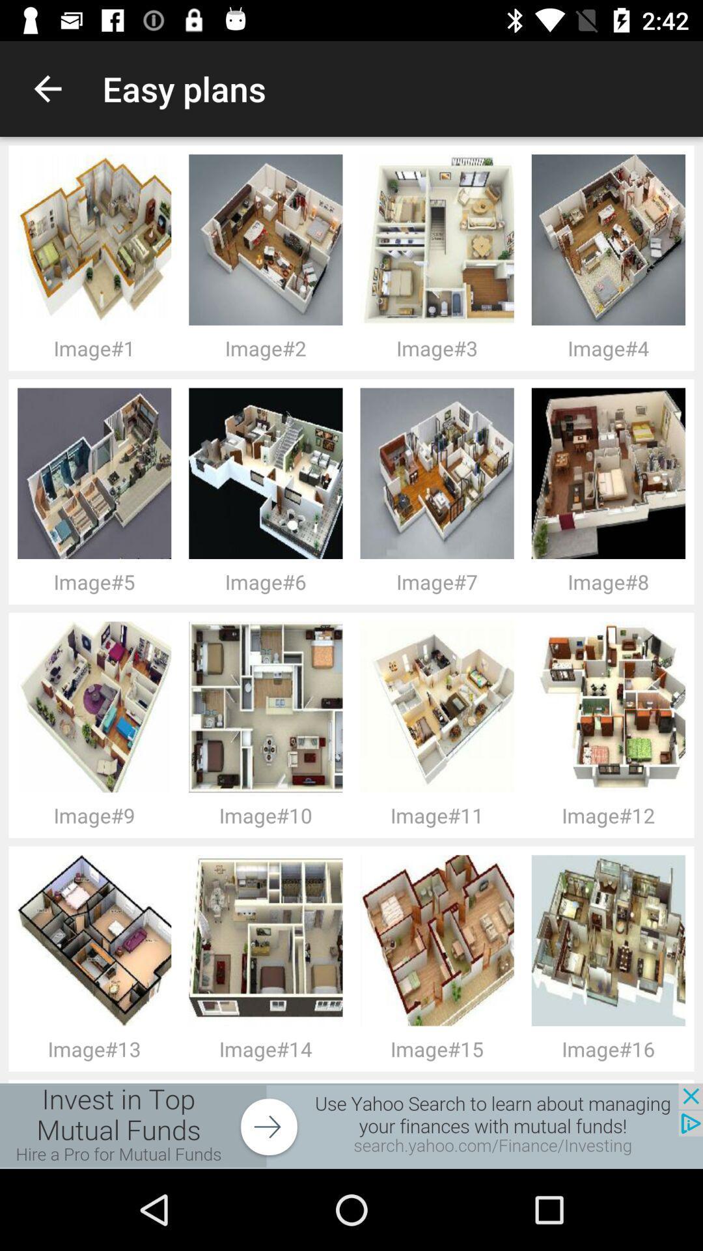 The height and width of the screenshot is (1251, 703). What do you see at coordinates (98, 472) in the screenshot?
I see `the second image in first row` at bounding box center [98, 472].